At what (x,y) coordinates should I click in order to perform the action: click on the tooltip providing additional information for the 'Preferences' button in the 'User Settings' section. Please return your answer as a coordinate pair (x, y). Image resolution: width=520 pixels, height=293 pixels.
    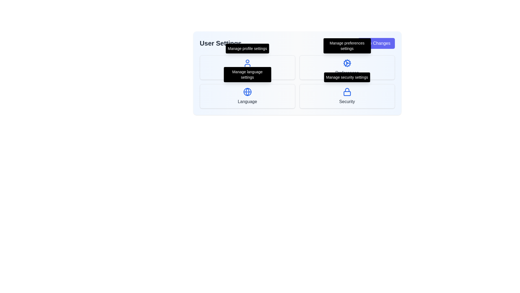
    Looking at the image, I should click on (347, 46).